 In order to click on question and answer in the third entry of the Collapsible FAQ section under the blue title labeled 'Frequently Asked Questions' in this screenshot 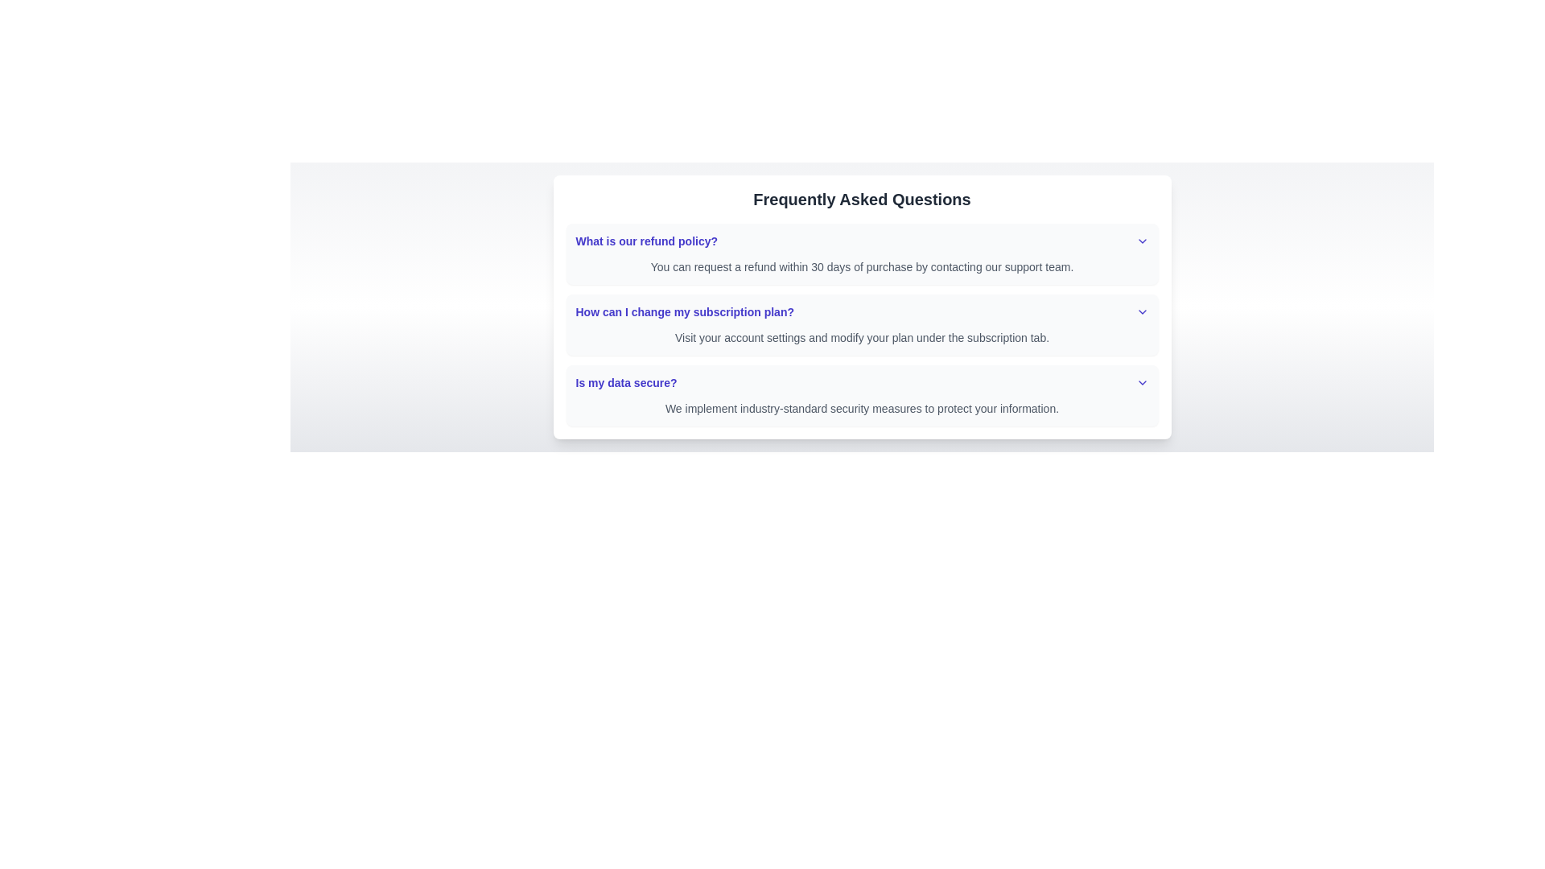, I will do `click(861, 396)`.